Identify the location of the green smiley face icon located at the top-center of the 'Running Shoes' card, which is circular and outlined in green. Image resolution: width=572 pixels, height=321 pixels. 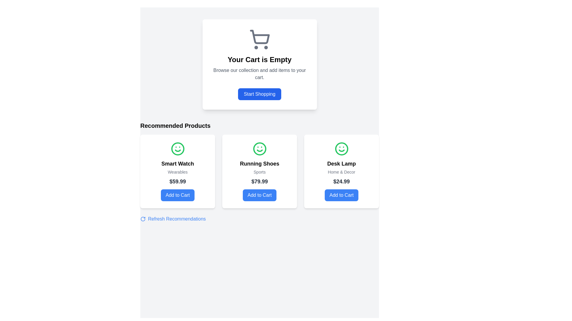
(259, 149).